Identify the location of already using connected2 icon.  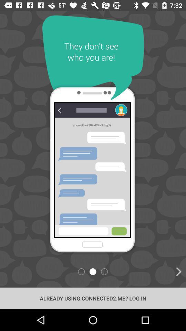
(93, 298).